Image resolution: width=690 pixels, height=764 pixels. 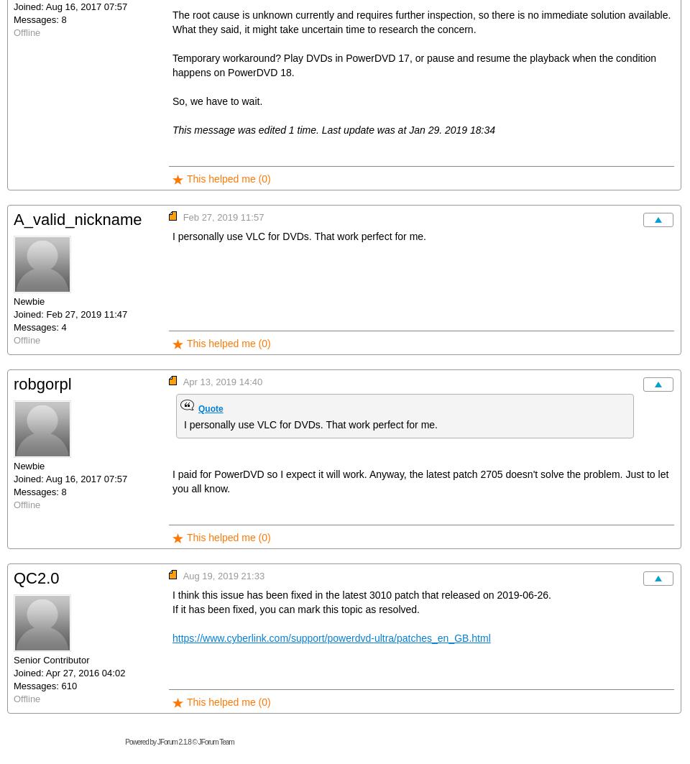 What do you see at coordinates (209, 408) in the screenshot?
I see `'Quote'` at bounding box center [209, 408].